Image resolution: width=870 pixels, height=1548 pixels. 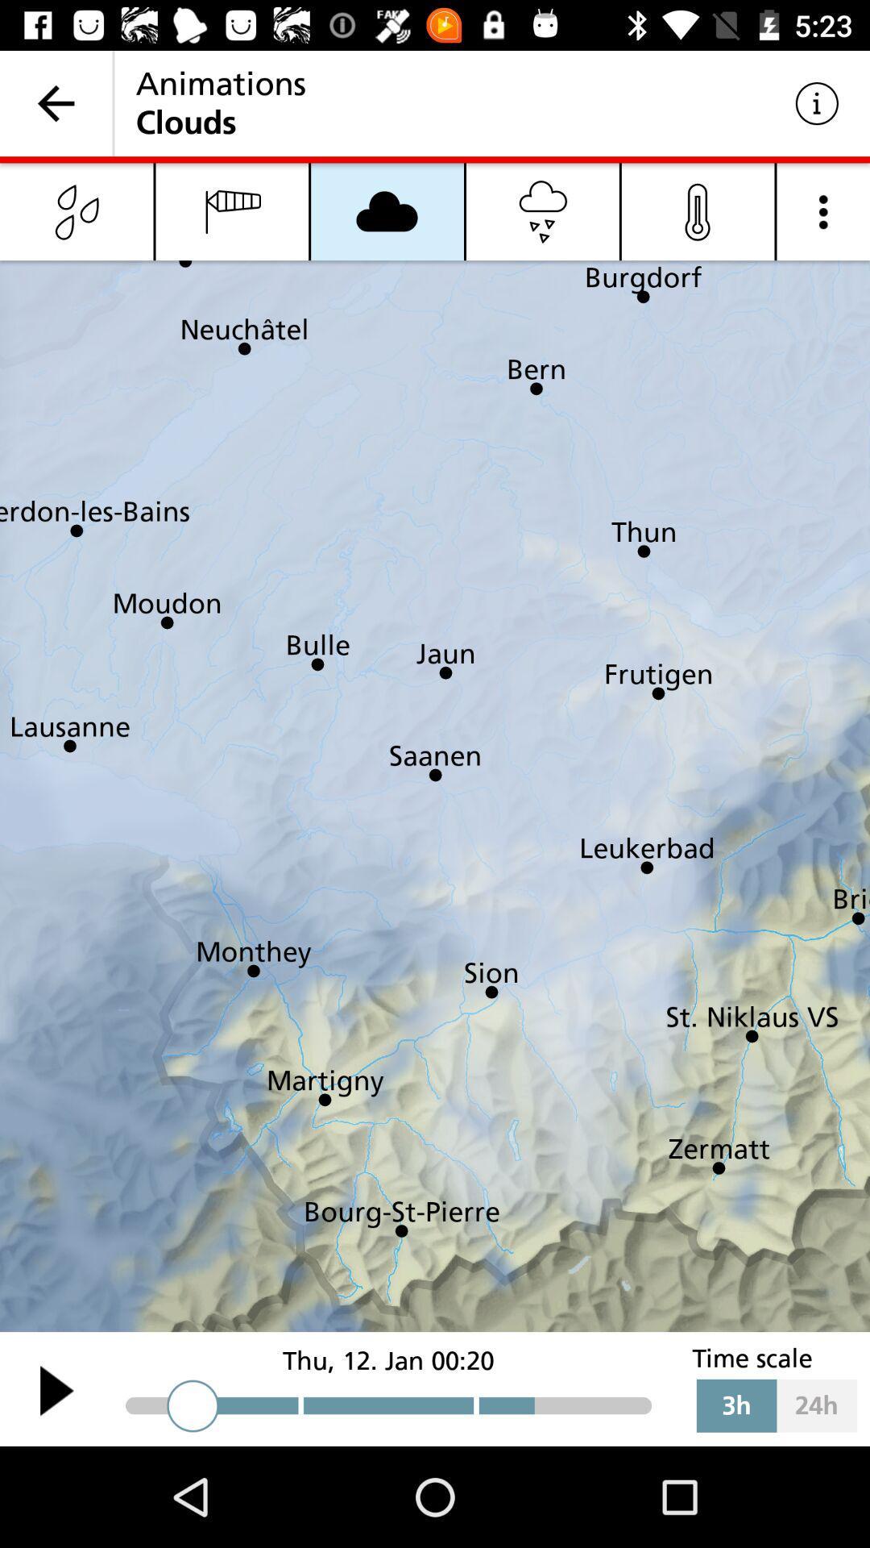 I want to click on the icon to the right of animations item, so click(x=817, y=102).